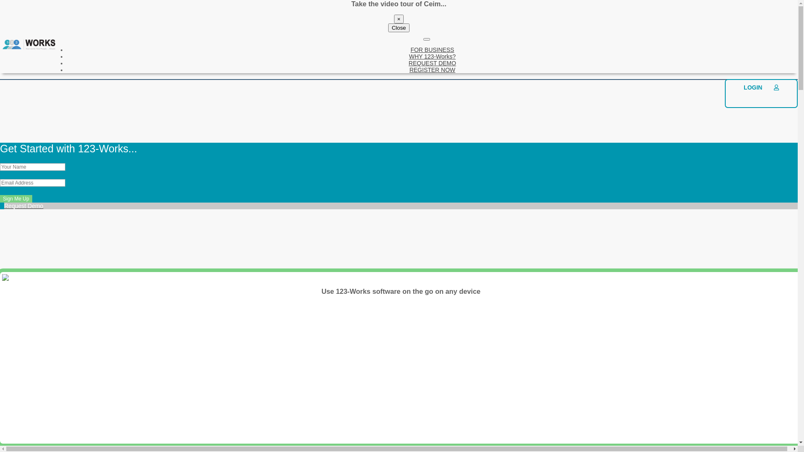 The image size is (804, 452). What do you see at coordinates (432, 50) in the screenshot?
I see `'FOR BUSINESS'` at bounding box center [432, 50].